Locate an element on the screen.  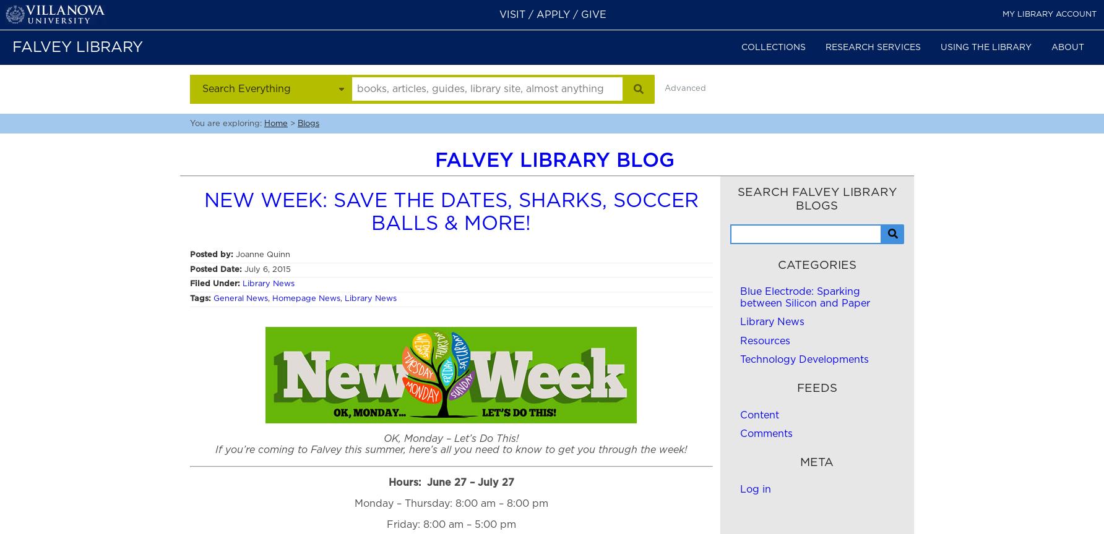
'Resources' is located at coordinates (764, 339).